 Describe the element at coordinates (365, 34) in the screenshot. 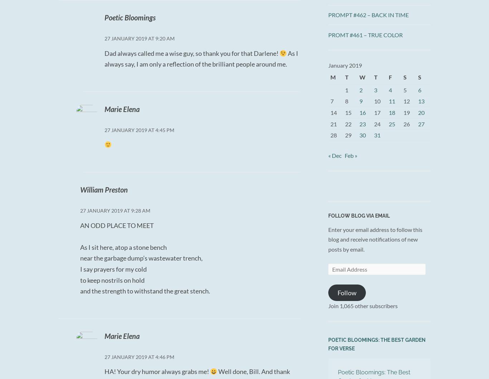

I see `'PROMT #461 – TRUE COLOR'` at that location.